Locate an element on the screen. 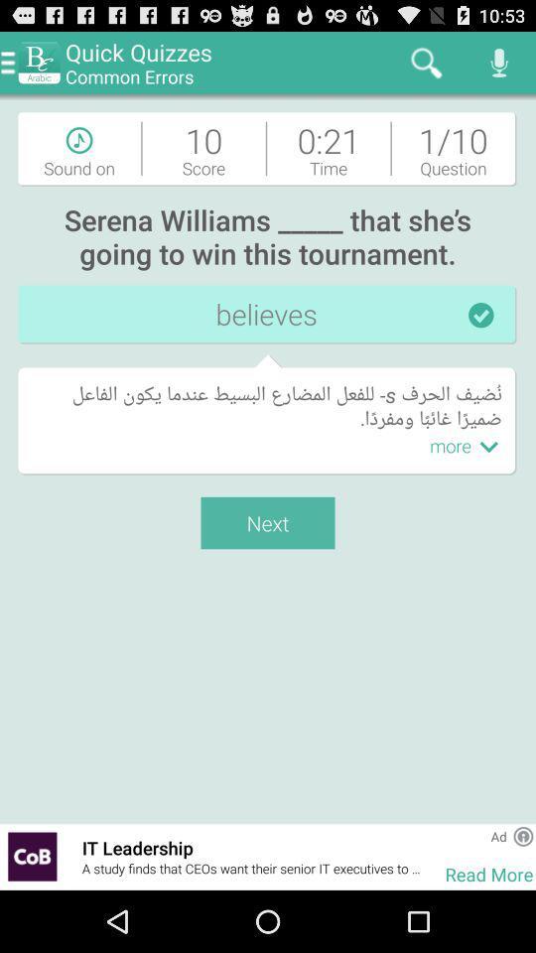 The height and width of the screenshot is (953, 536). show advertisement info is located at coordinates (523, 835).